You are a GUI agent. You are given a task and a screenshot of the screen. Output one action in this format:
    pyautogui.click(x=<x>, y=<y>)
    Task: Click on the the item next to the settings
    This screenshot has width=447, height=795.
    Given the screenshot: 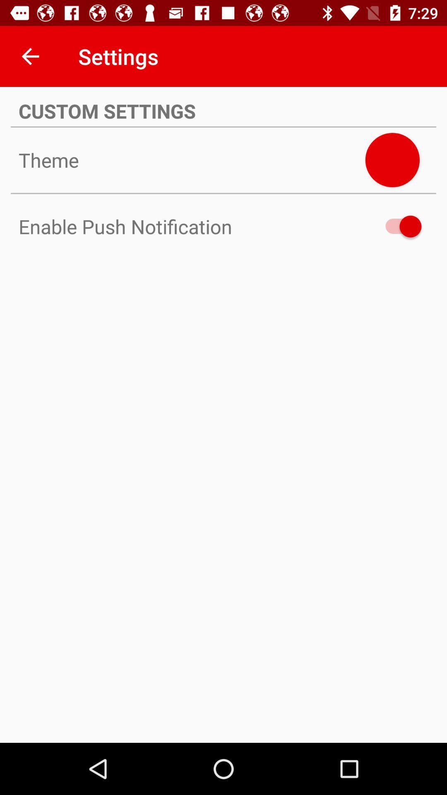 What is the action you would take?
    pyautogui.click(x=30, y=56)
    